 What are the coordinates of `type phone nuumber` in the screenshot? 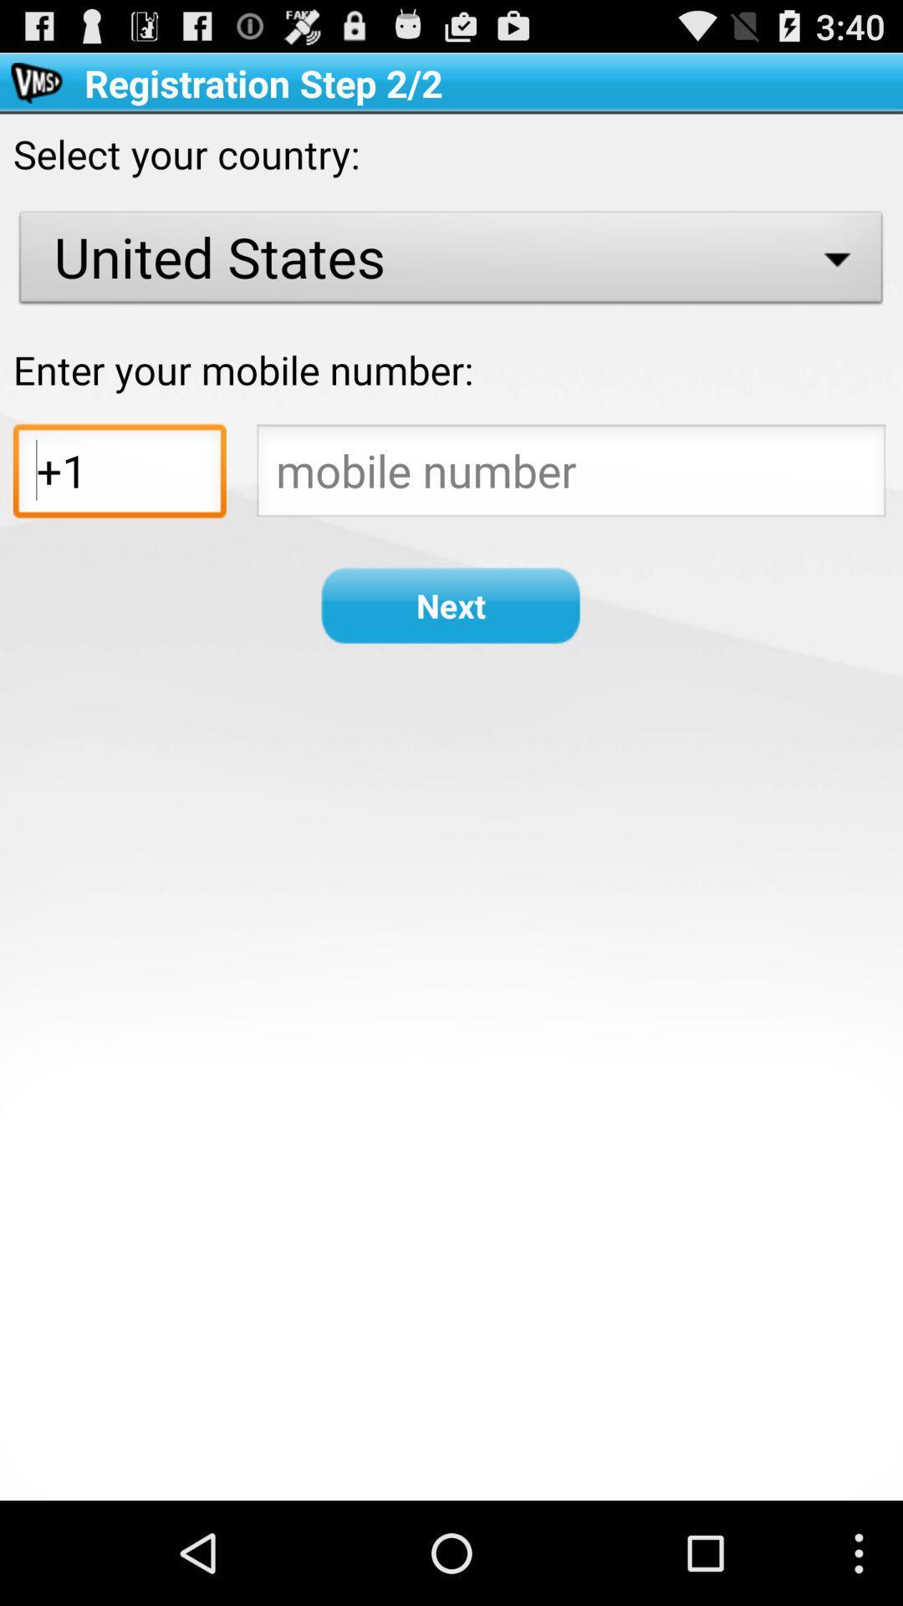 It's located at (570, 474).